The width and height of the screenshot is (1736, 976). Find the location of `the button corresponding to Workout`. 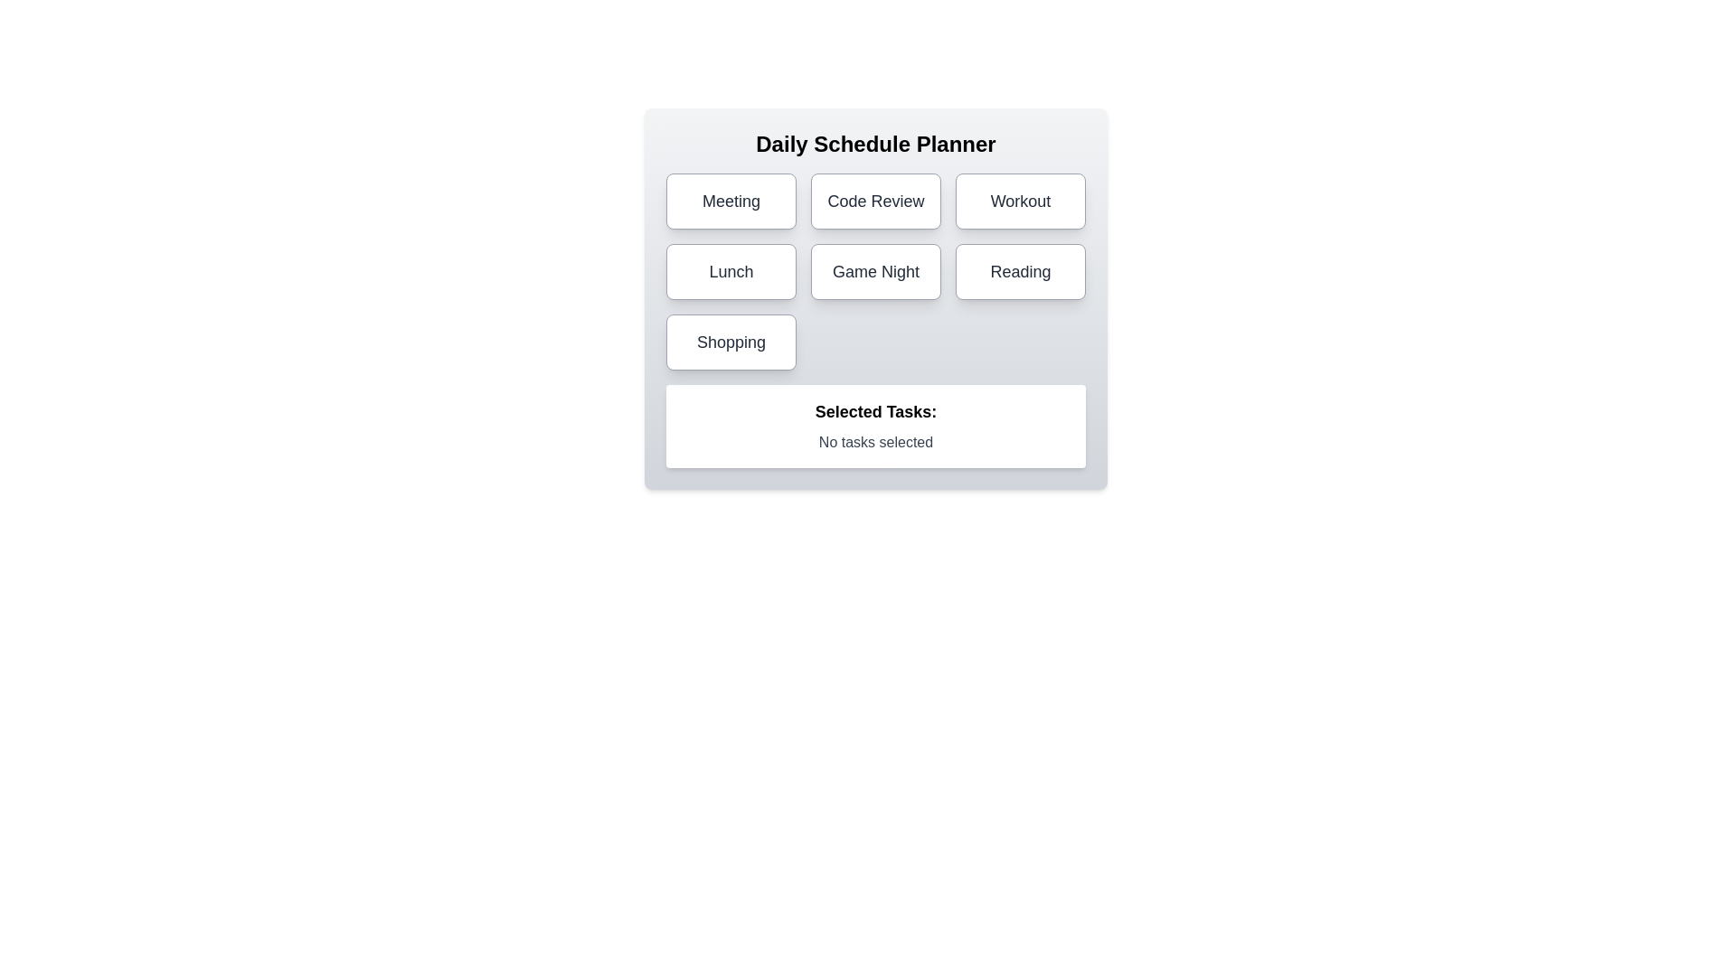

the button corresponding to Workout is located at coordinates (1020, 202).